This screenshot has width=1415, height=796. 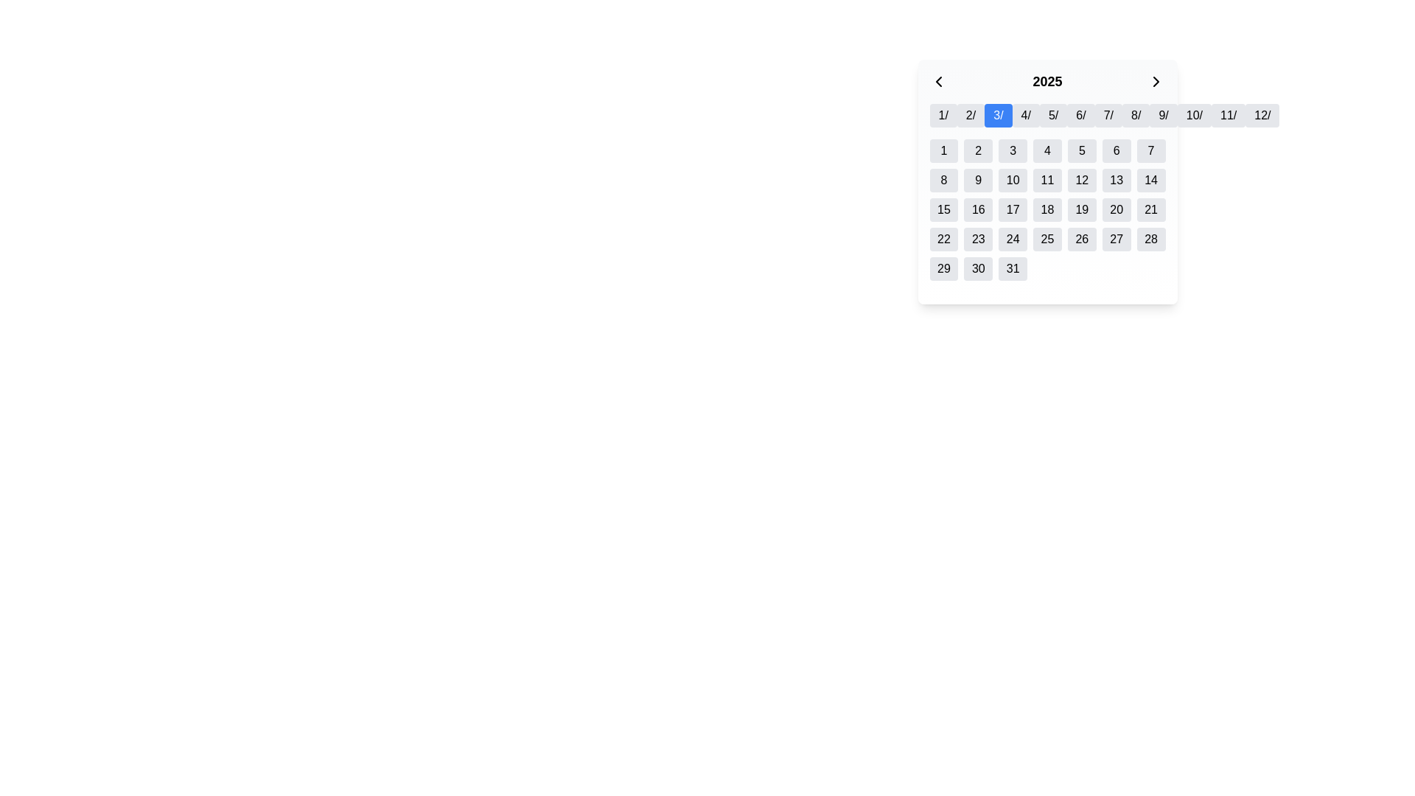 What do you see at coordinates (1156, 82) in the screenshot?
I see `the button located in the top-right corner of the calendar widget interface, positioned to the right of the text '2025'` at bounding box center [1156, 82].